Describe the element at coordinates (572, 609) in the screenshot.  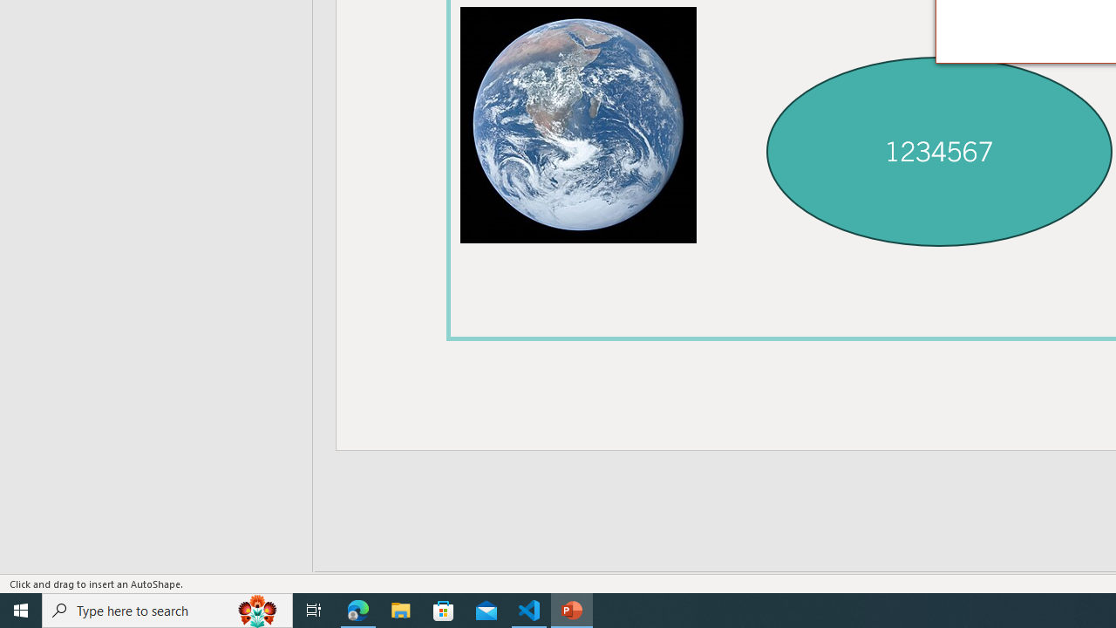
I see `'PowerPoint - 1 running window'` at that location.